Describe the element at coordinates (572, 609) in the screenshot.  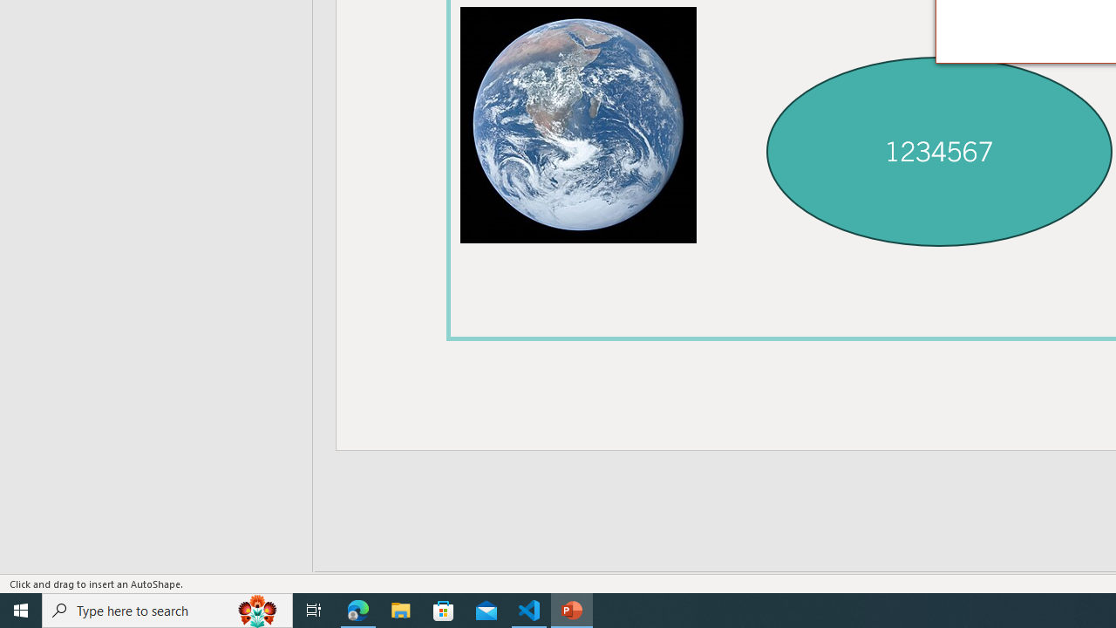
I see `'PowerPoint - 1 running window'` at that location.